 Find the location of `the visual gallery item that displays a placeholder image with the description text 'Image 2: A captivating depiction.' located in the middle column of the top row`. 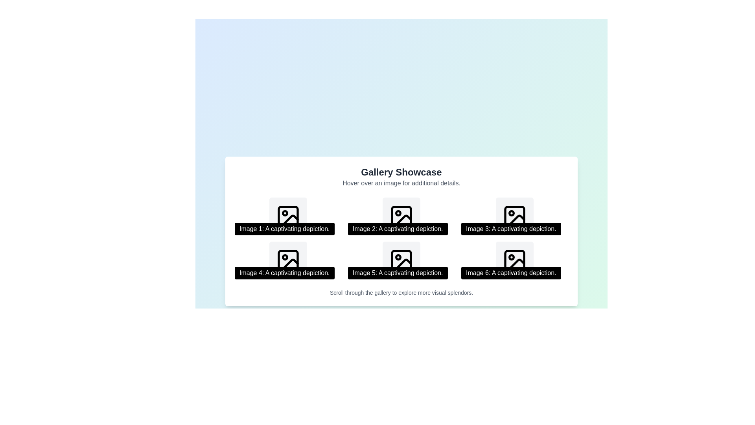

the visual gallery item that displays a placeholder image with the description text 'Image 2: A captivating depiction.' located in the middle column of the top row is located at coordinates (401, 216).